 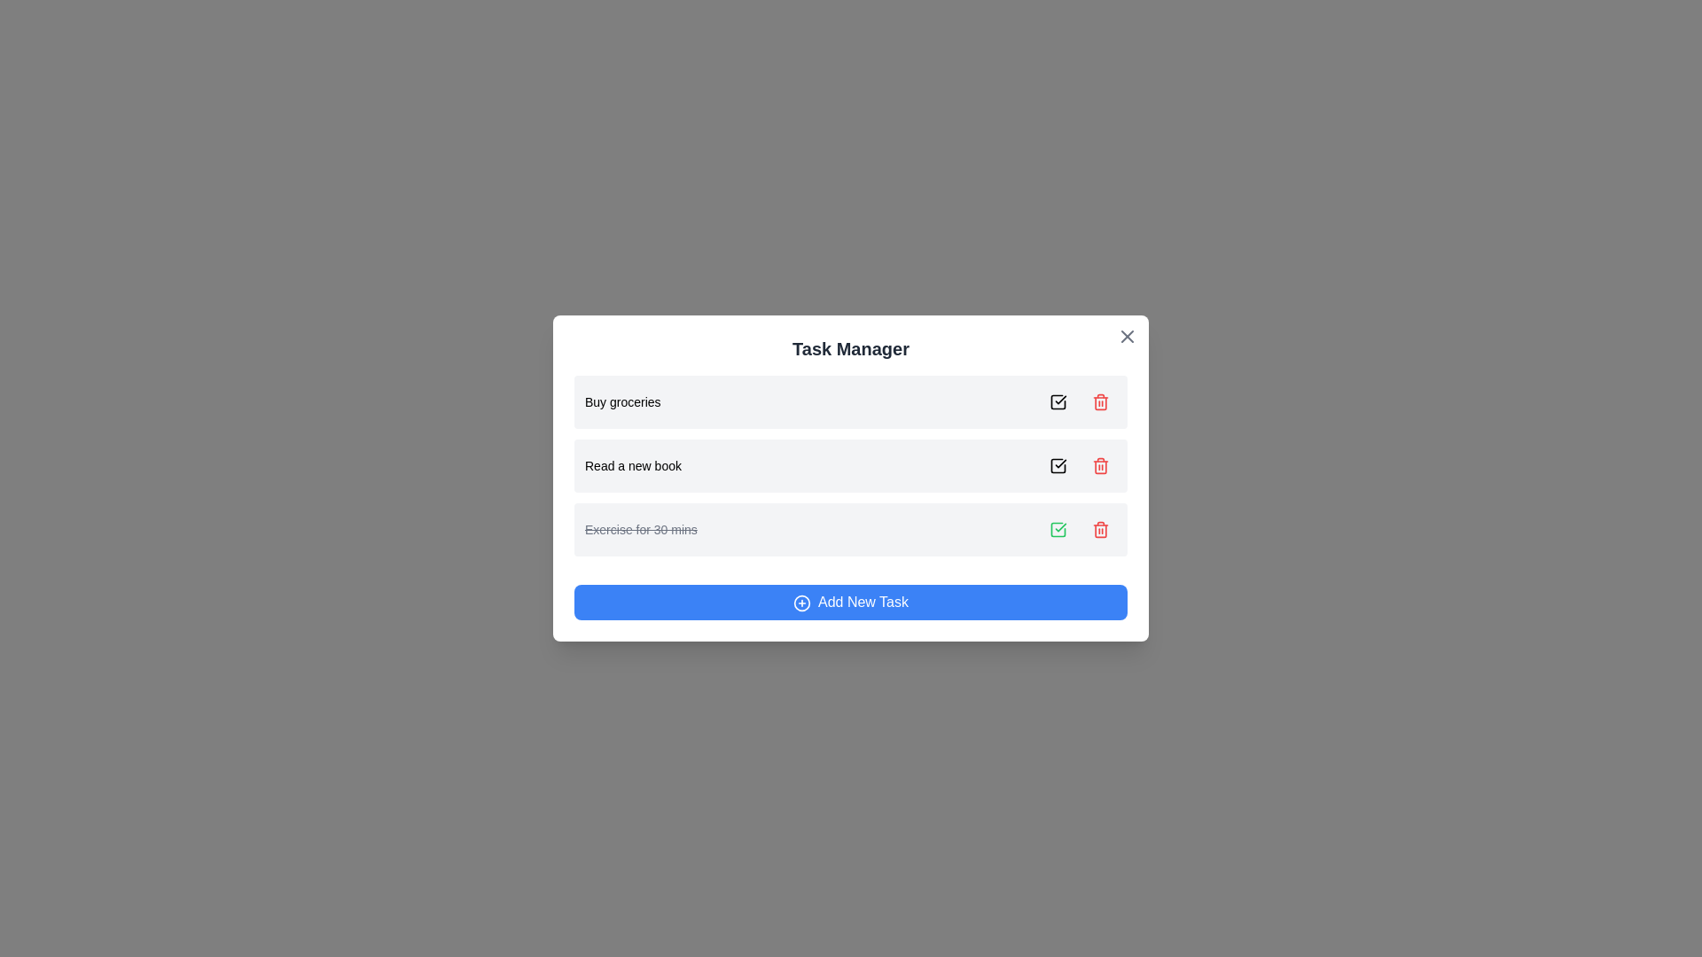 I want to click on the checkbox in the task list within the 'Task Manager' modal, so click(x=851, y=464).